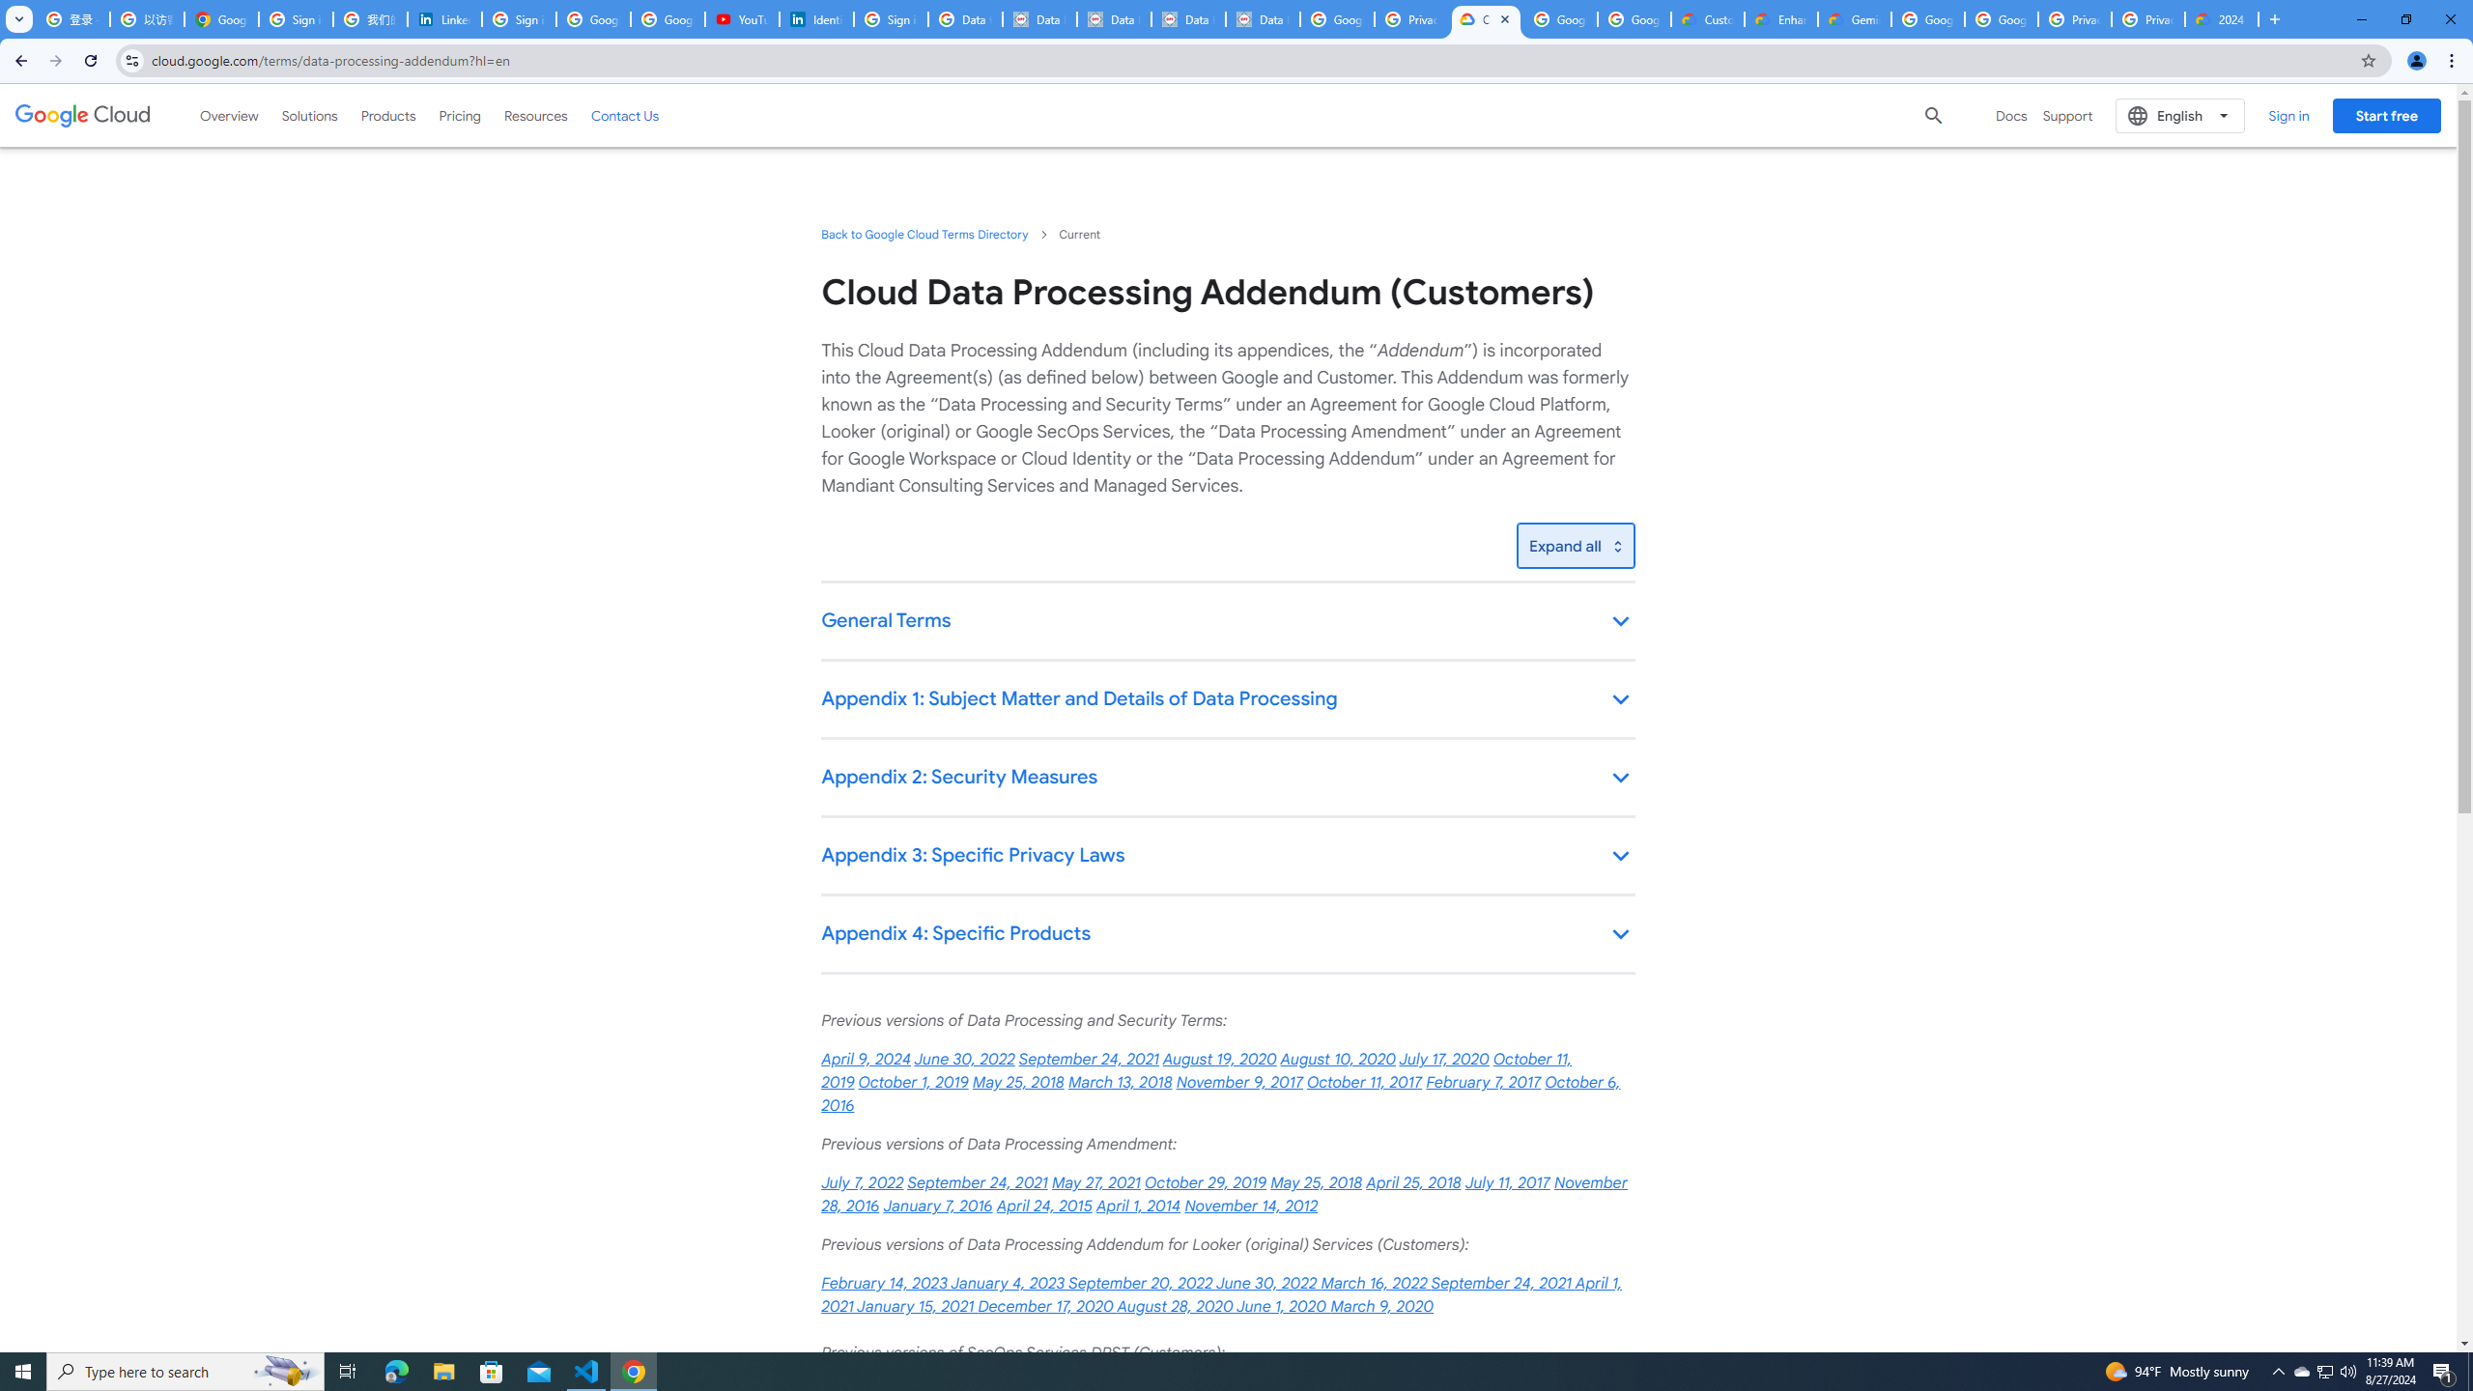  I want to click on 'March 13, 2018', so click(1119, 1083).